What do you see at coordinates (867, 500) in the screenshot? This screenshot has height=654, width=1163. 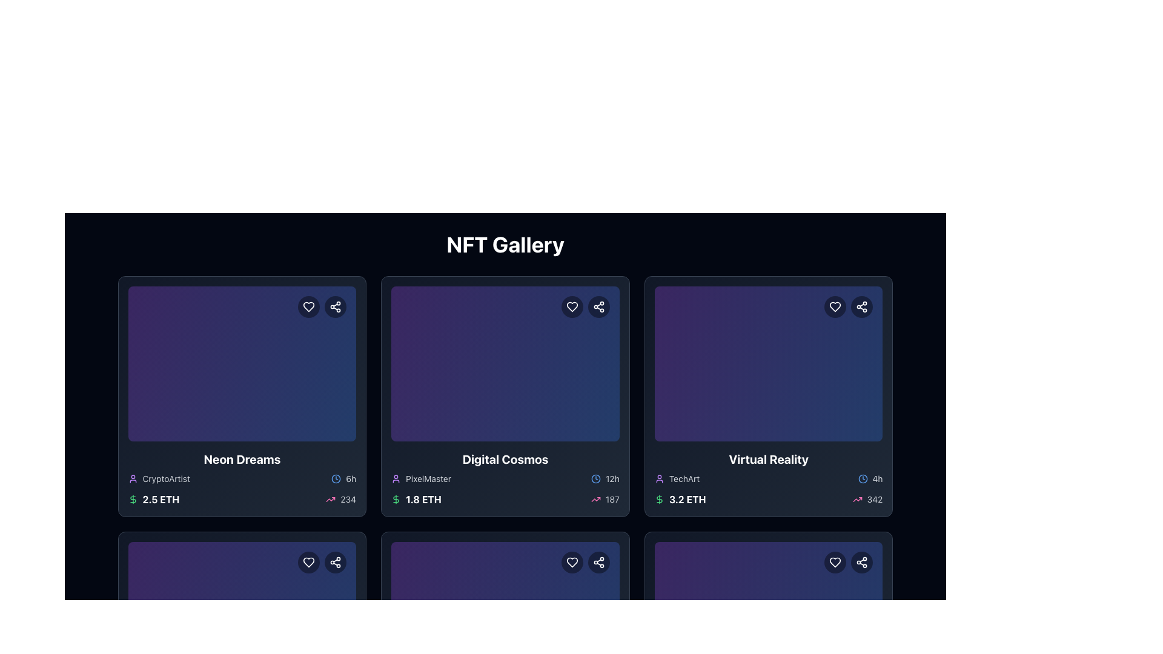 I see `the Text label displaying a statistic related to 'Virtual Reality', located in the bottom-right section of the card and preceded by a pink upward trending arrow icon` at bounding box center [867, 500].